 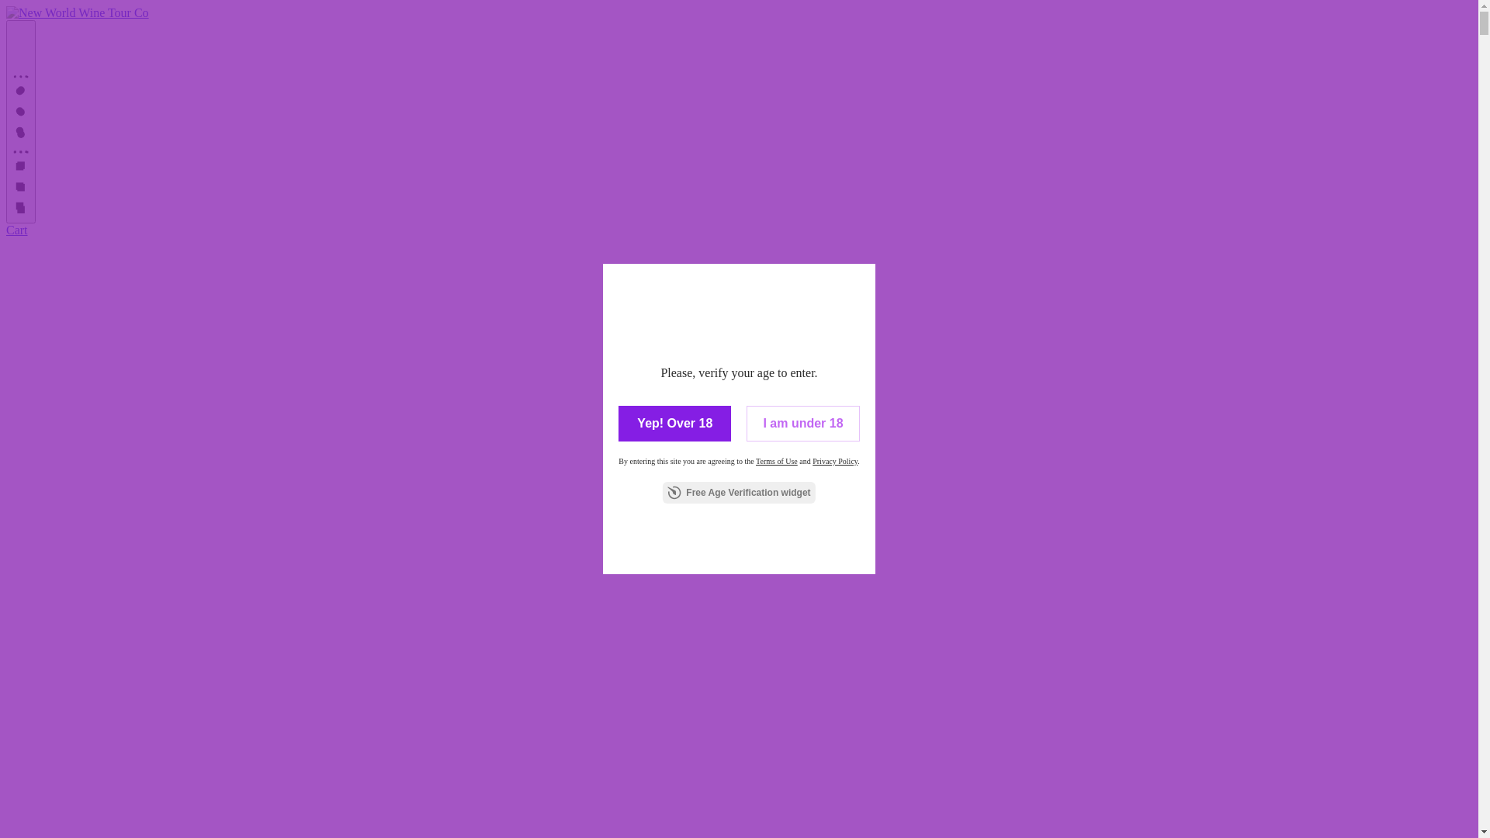 I want to click on 'Yep! Over 18', so click(x=674, y=424).